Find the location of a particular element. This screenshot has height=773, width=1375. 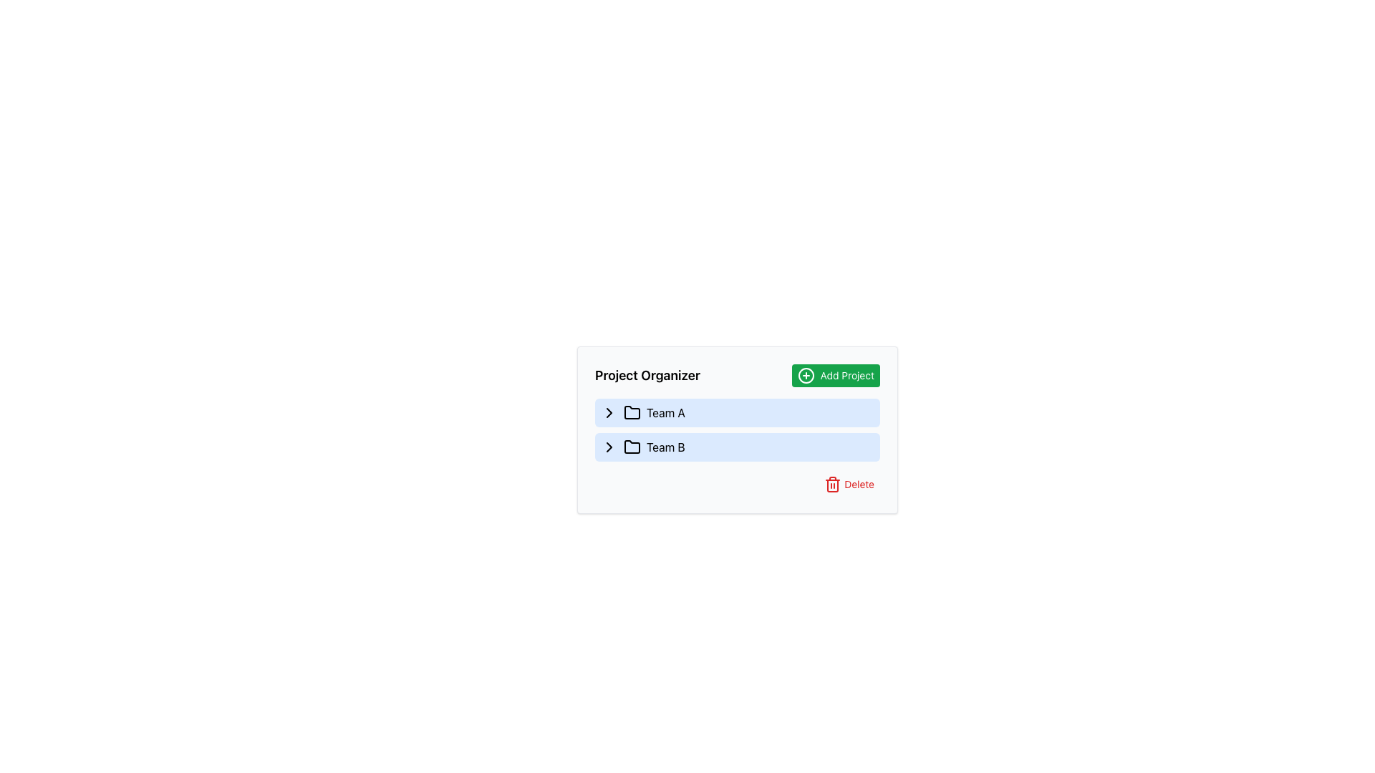

the chevron icon located in the top row of the 'Project Organizer' section is located at coordinates (609, 413).